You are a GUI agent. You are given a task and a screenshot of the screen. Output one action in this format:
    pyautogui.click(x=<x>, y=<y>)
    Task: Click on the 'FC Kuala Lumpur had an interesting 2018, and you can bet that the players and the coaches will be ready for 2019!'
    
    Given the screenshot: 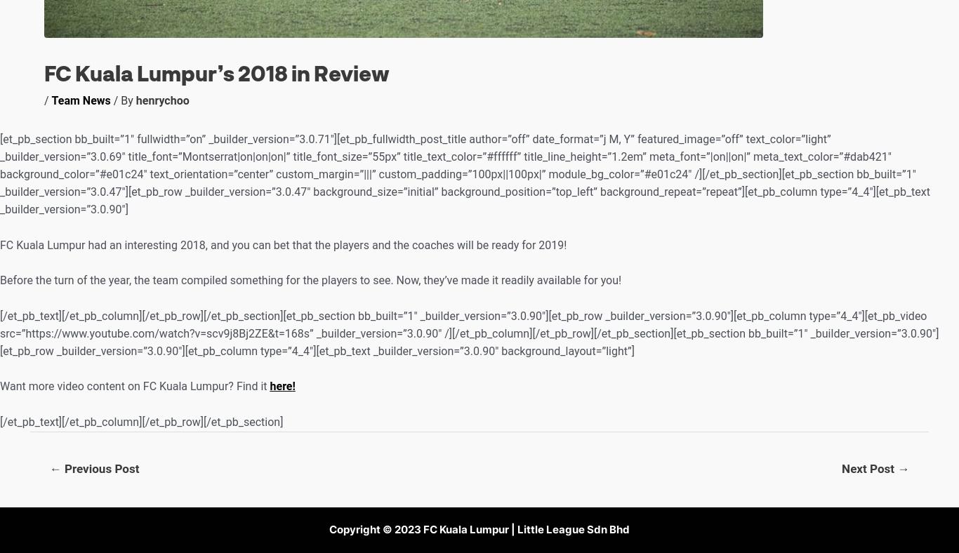 What is the action you would take?
    pyautogui.click(x=282, y=244)
    